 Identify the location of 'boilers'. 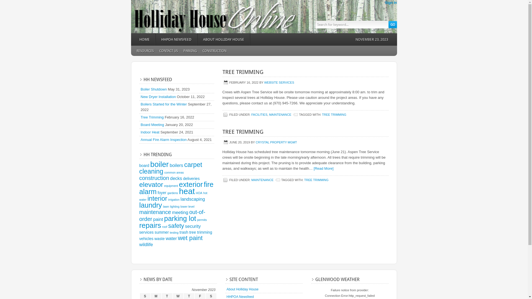
(176, 165).